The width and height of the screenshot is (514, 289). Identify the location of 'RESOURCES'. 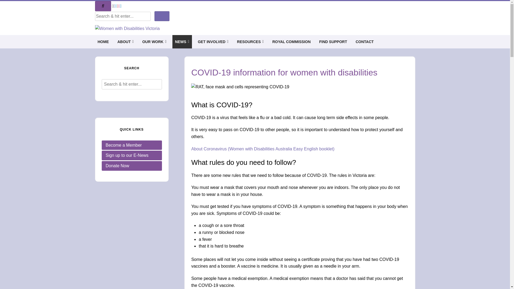
(250, 41).